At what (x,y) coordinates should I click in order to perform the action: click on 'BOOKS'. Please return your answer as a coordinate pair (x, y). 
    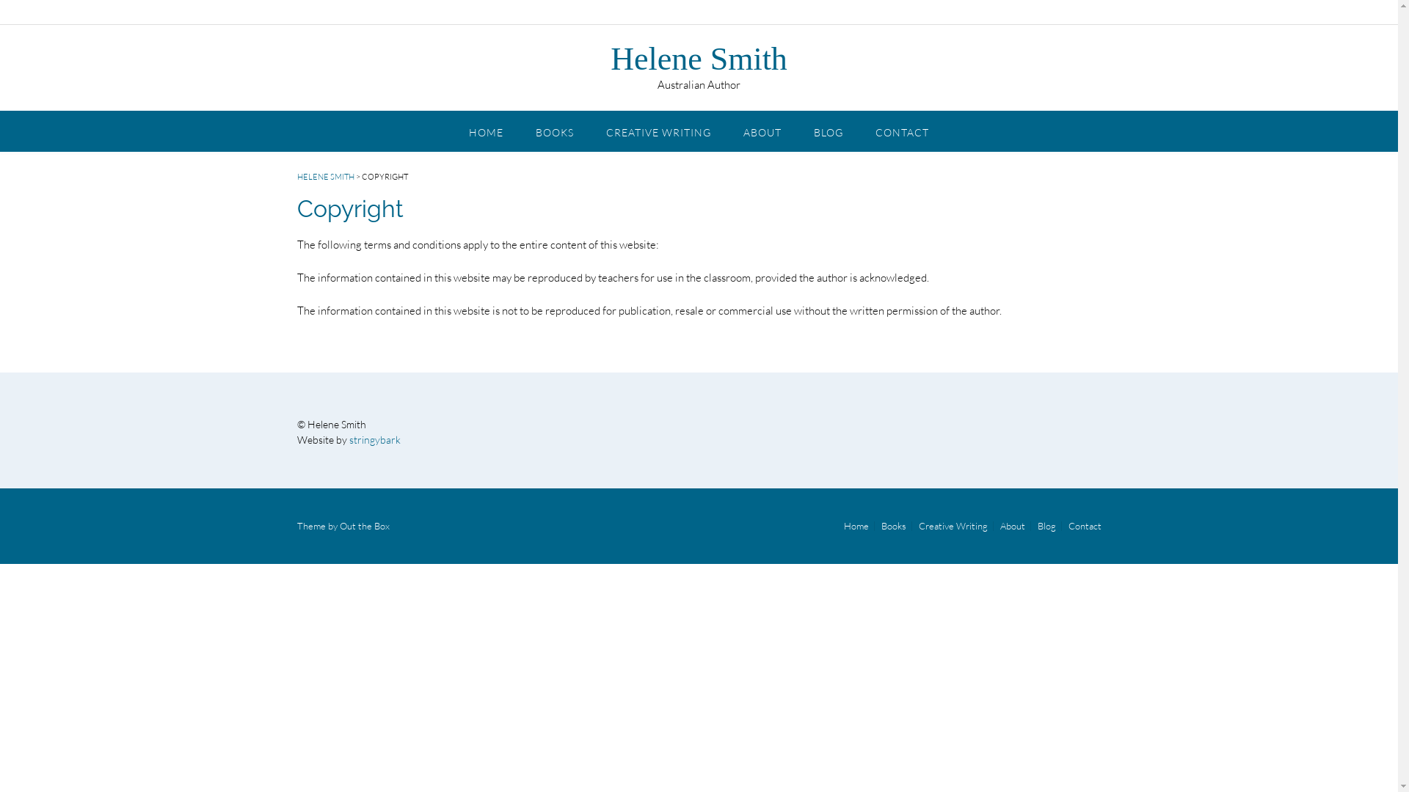
    Looking at the image, I should click on (554, 129).